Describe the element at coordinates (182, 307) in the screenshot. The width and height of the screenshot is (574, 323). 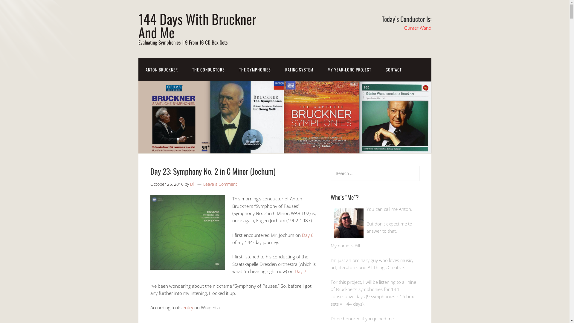
I see `'entry'` at that location.